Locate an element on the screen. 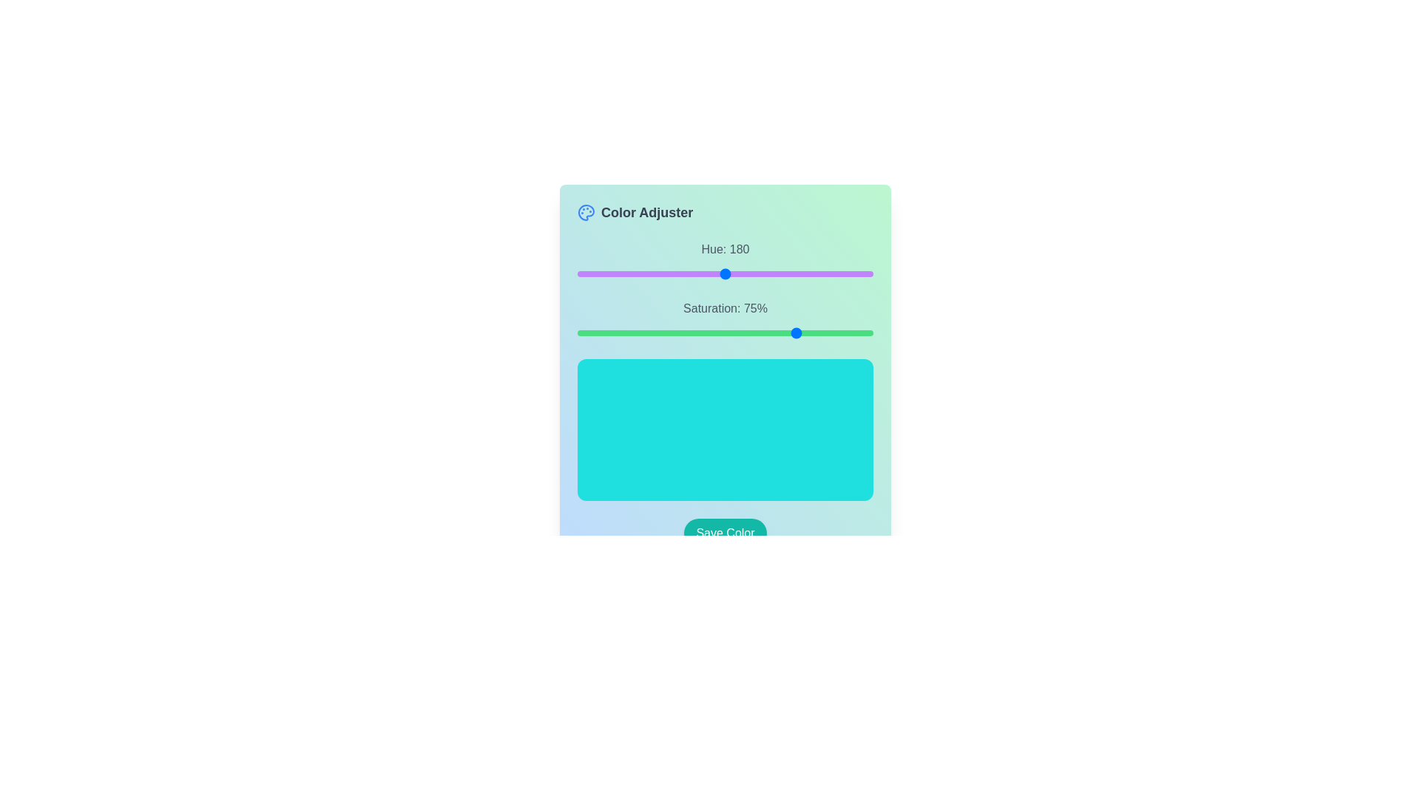 This screenshot has width=1420, height=798. the Color Adjuster icon located on the top-left corner of the panel, adjacent to the 'Color Adjuster' text is located at coordinates (585, 213).